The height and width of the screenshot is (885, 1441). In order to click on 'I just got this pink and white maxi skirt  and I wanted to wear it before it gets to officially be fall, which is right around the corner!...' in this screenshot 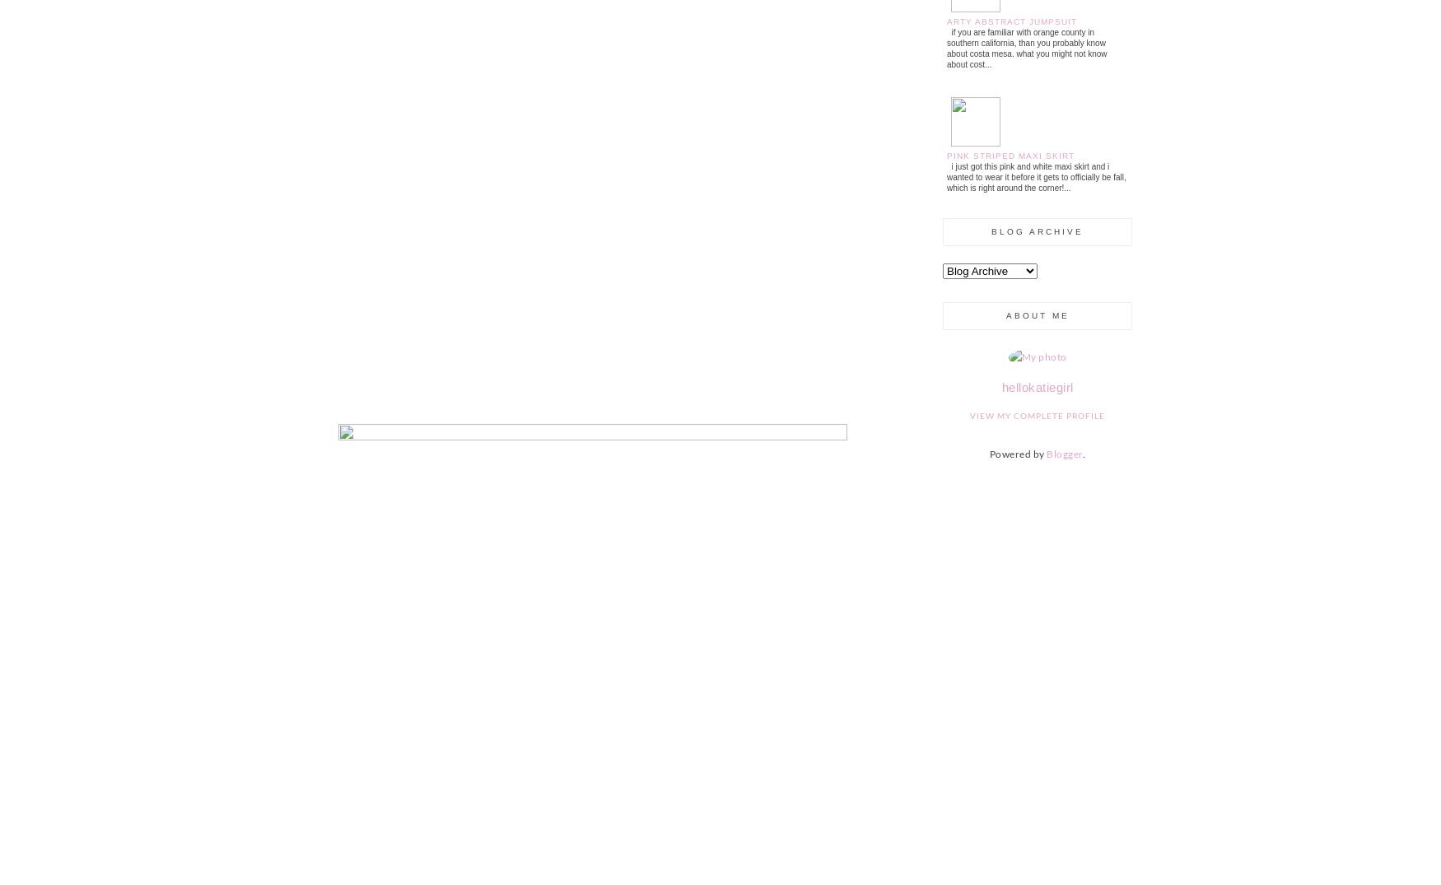, I will do `click(1035, 175)`.